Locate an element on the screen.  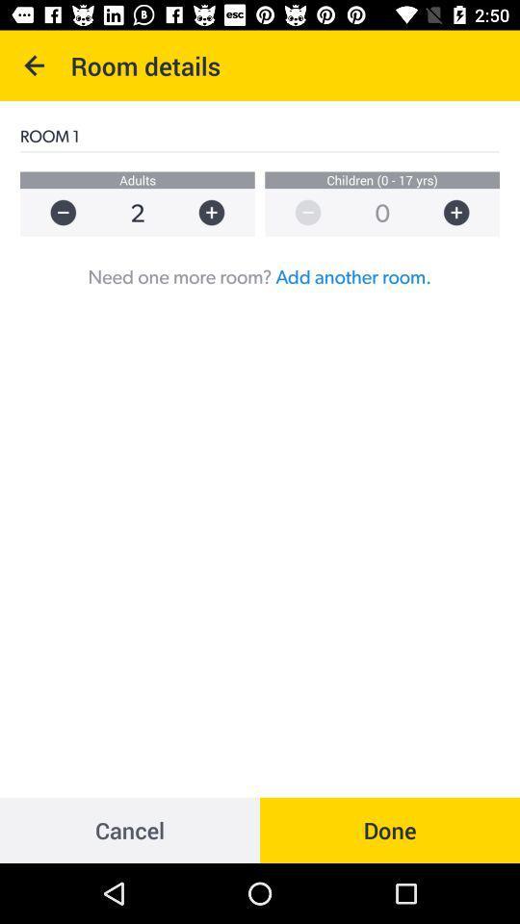
the icon to the right of cancel is located at coordinates (390, 829).